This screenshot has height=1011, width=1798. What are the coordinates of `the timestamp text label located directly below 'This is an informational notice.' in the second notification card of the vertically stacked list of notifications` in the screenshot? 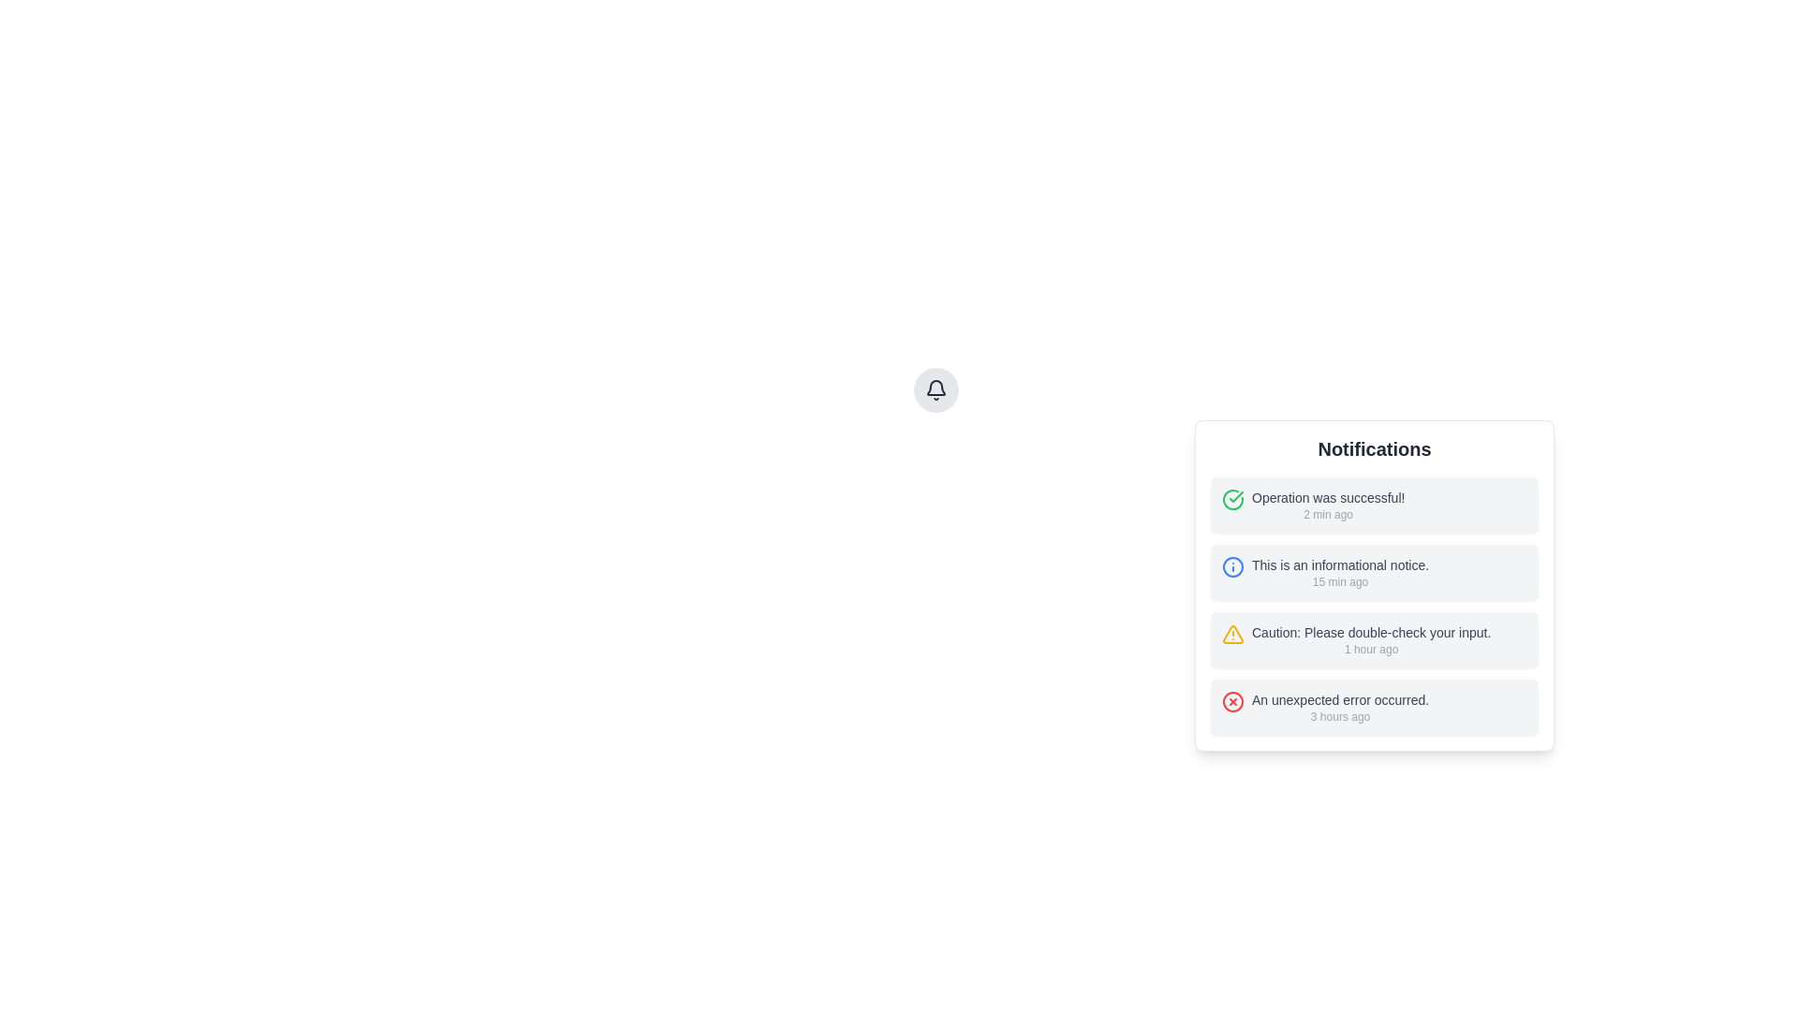 It's located at (1339, 580).